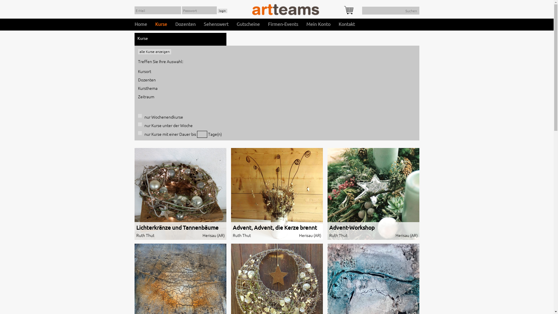 This screenshot has width=558, height=314. Describe the element at coordinates (222, 11) in the screenshot. I see `'login'` at that location.